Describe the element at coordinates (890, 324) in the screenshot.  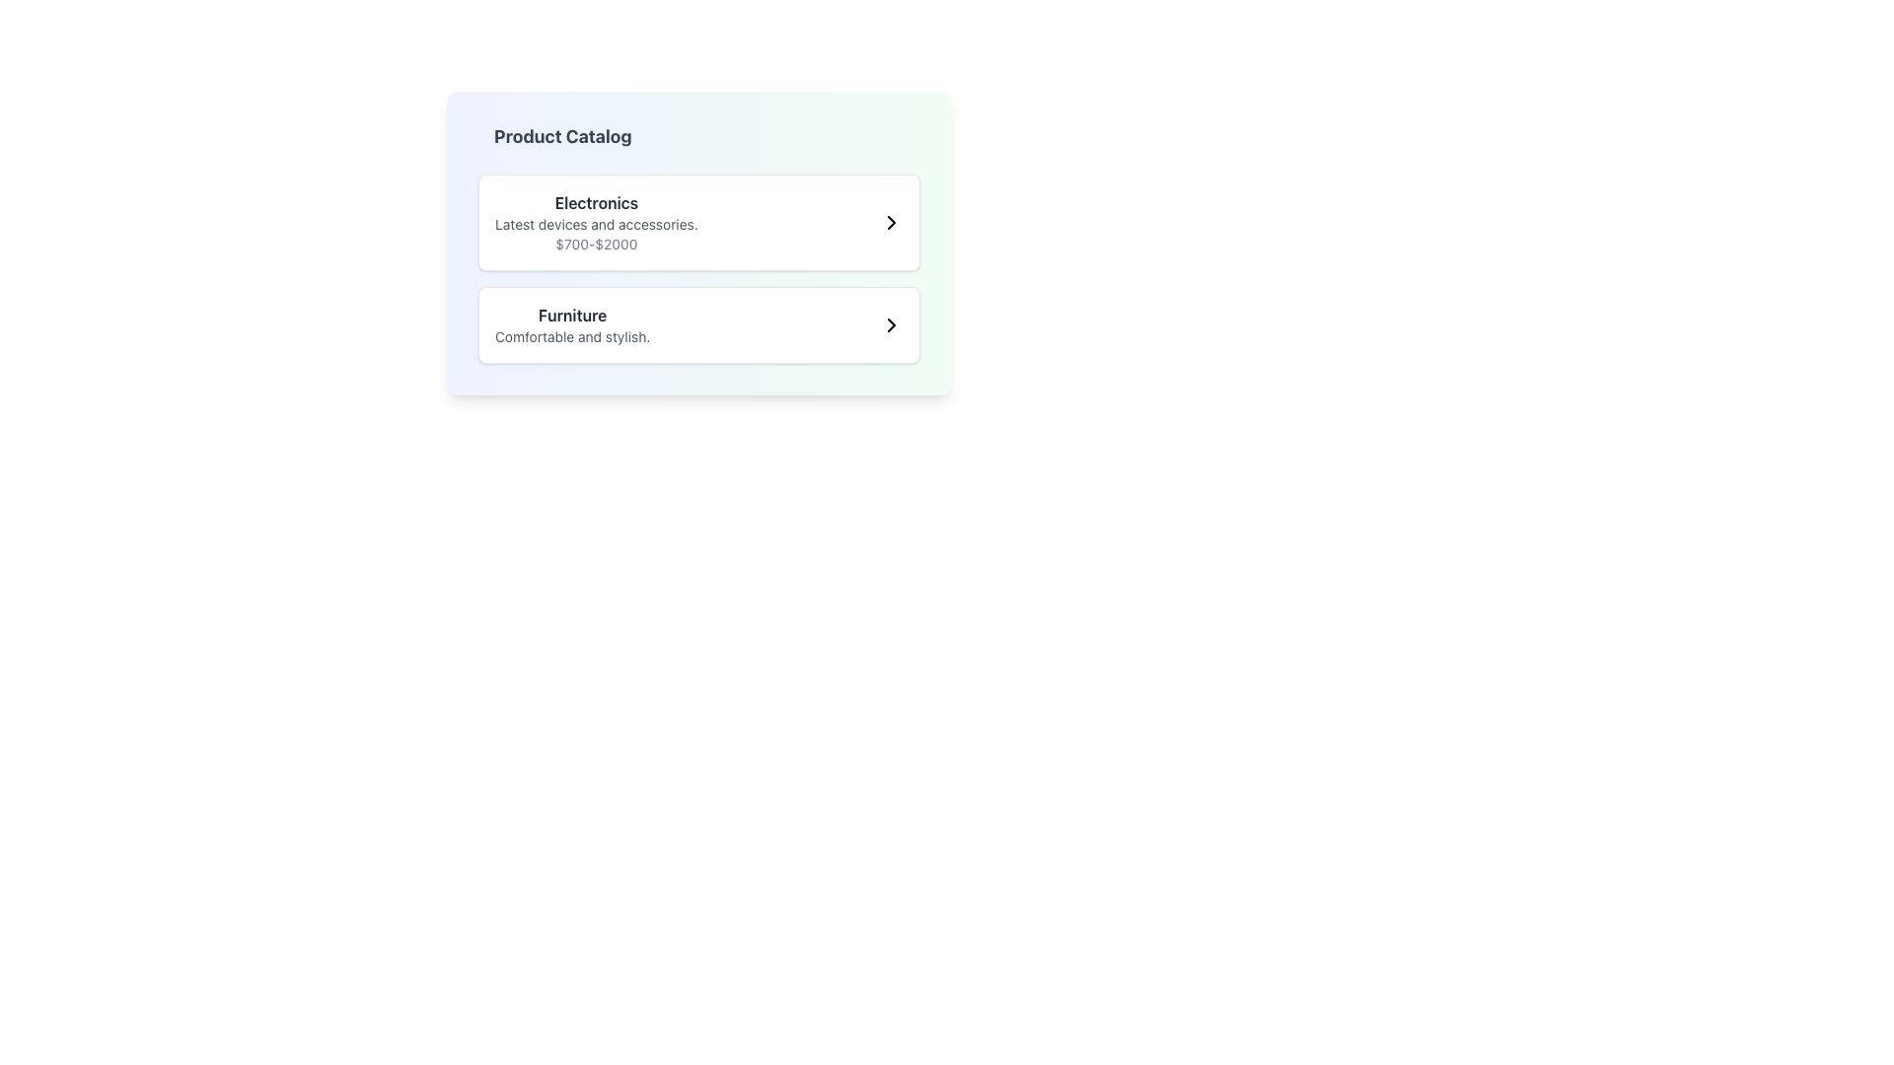
I see `the chevron-shaped arrow icon located at the far right of the 'Furniture' entry in the category list` at that location.